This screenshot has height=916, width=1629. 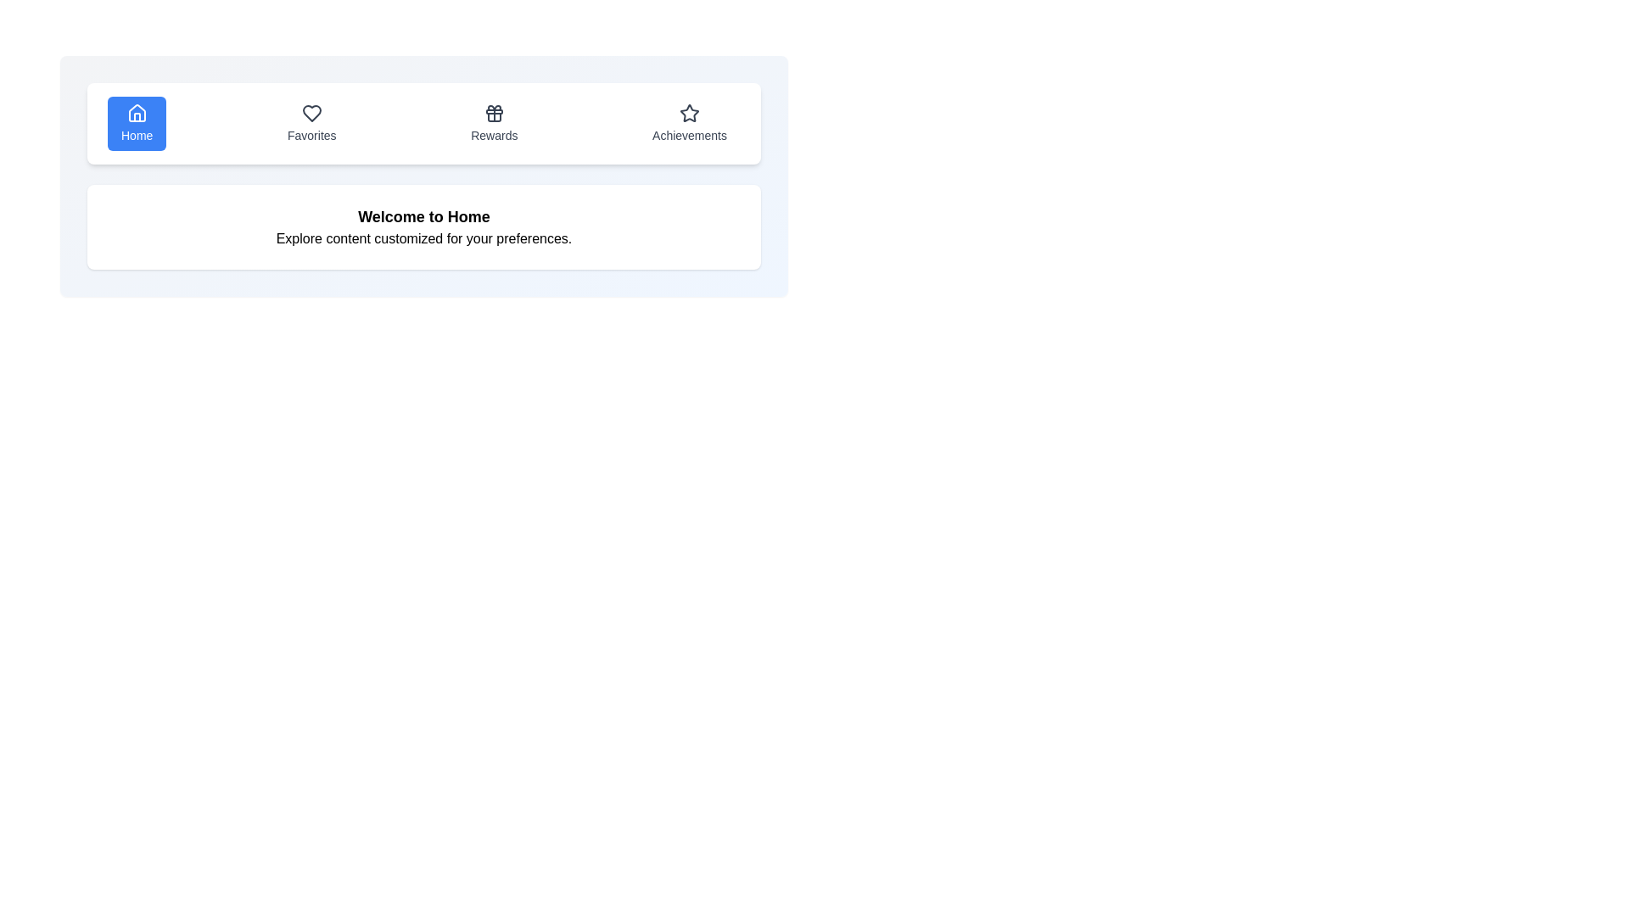 What do you see at coordinates (423, 215) in the screenshot?
I see `the Header Text element that greets the user and provides context for the following content by reading the text` at bounding box center [423, 215].